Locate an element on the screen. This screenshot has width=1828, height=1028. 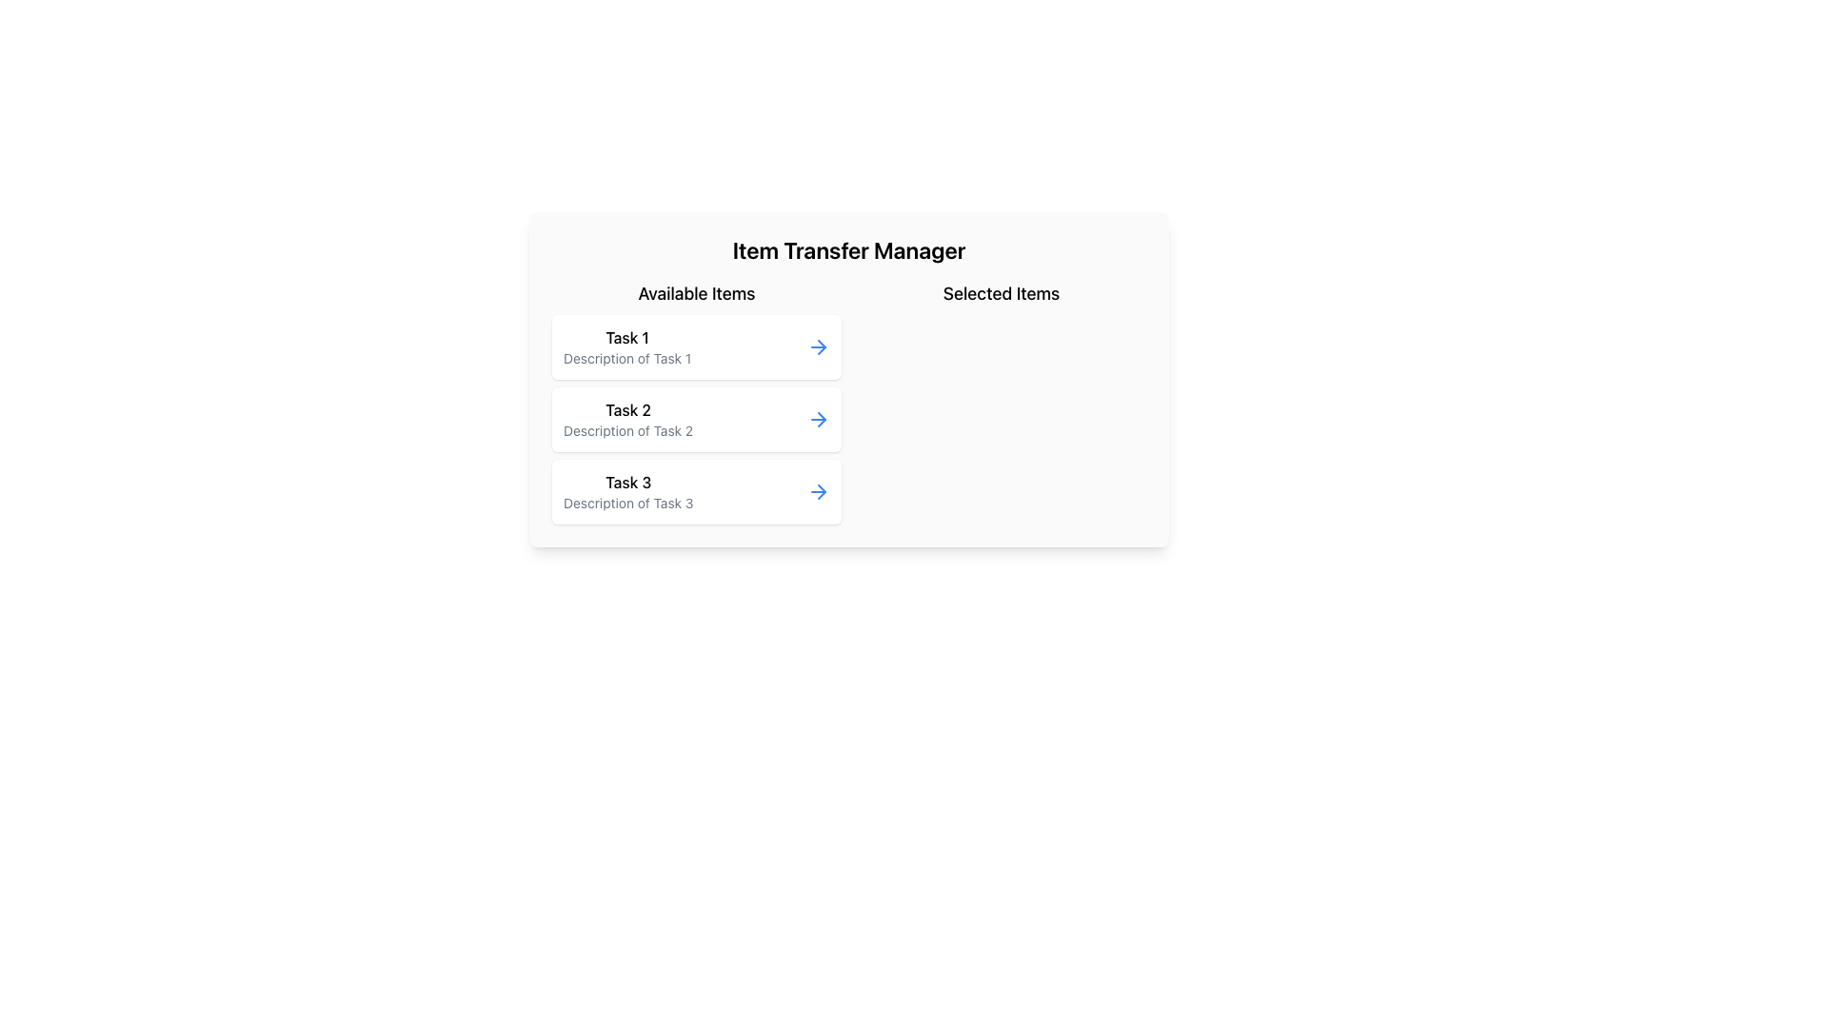
the right-pointing arrow icon located to the far right of the 'Task 2' entry box in the 'Available Items' column to initiate the task transfer is located at coordinates (822, 418).